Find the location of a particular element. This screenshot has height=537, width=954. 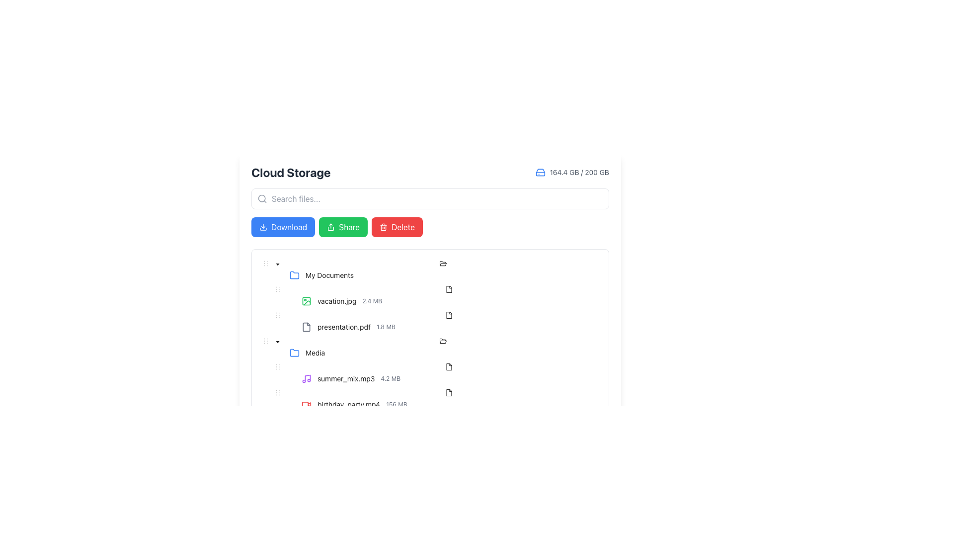

the 'Media' folder icon located in the file list section is located at coordinates (443, 340).